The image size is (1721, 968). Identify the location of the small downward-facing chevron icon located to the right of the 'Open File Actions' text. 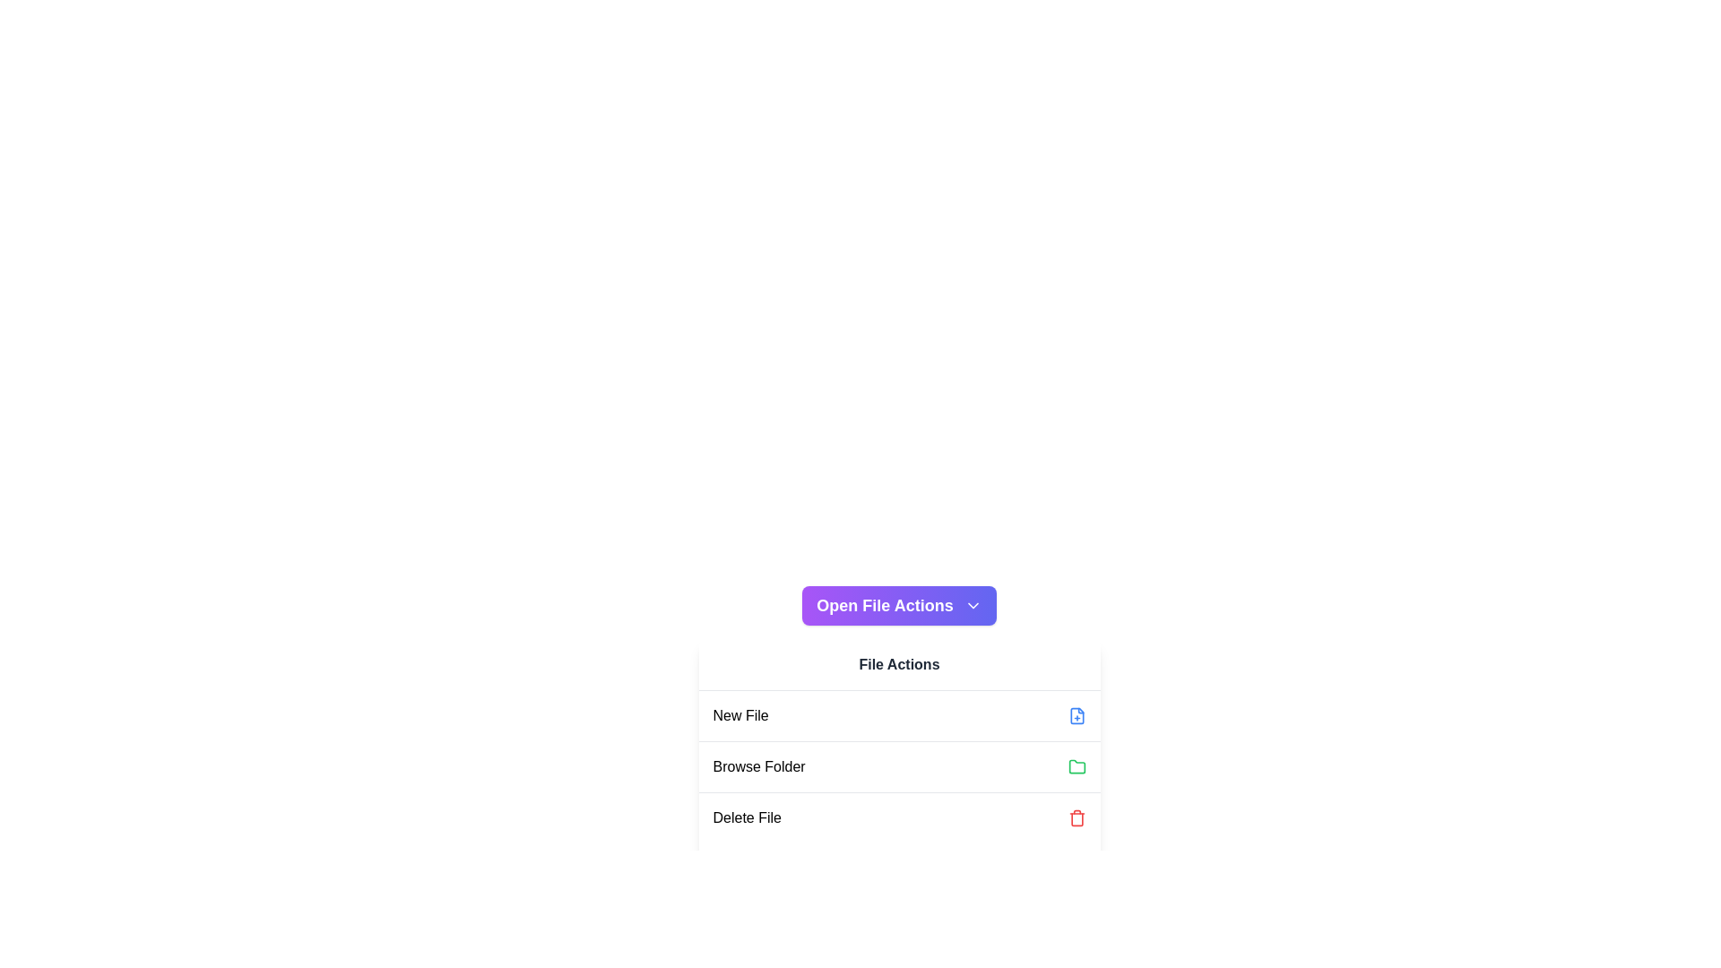
(972, 605).